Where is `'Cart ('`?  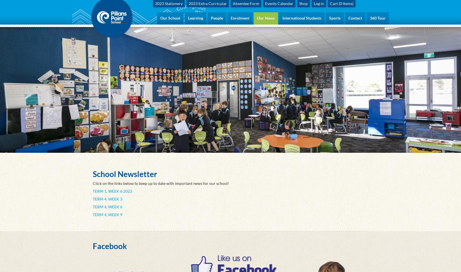 'Cart (' is located at coordinates (335, 3).